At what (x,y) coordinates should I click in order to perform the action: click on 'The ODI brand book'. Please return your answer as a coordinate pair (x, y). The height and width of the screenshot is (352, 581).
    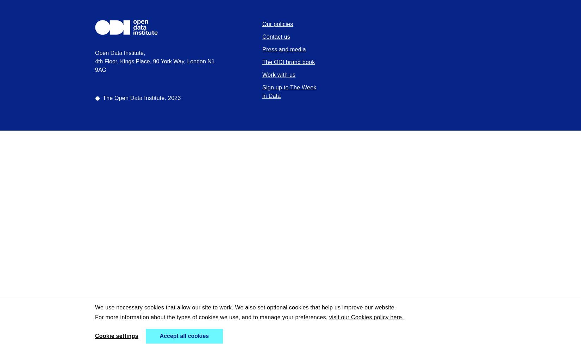
    Looking at the image, I should click on (288, 62).